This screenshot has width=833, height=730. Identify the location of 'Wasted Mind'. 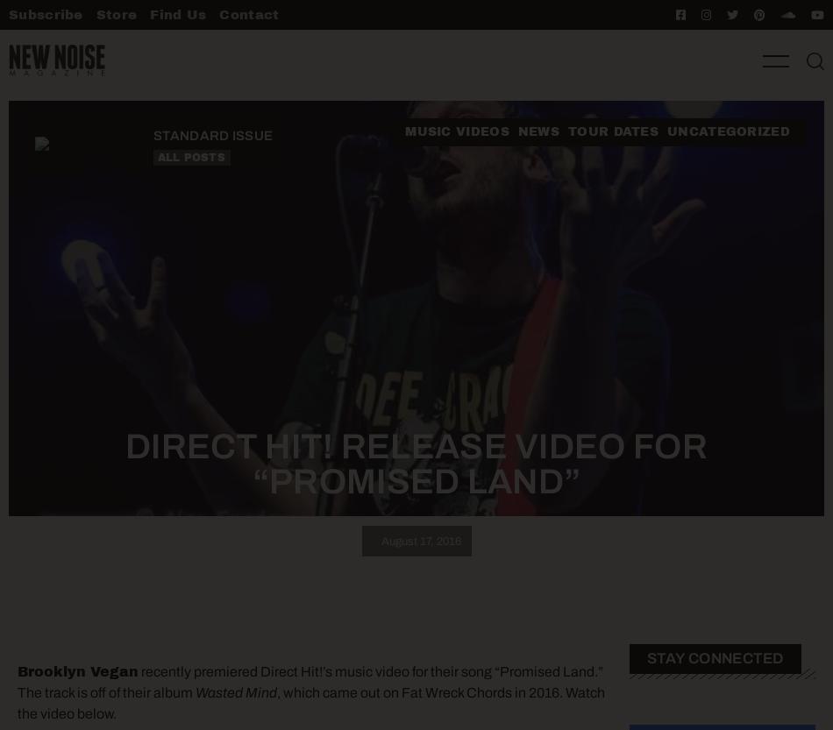
(235, 691).